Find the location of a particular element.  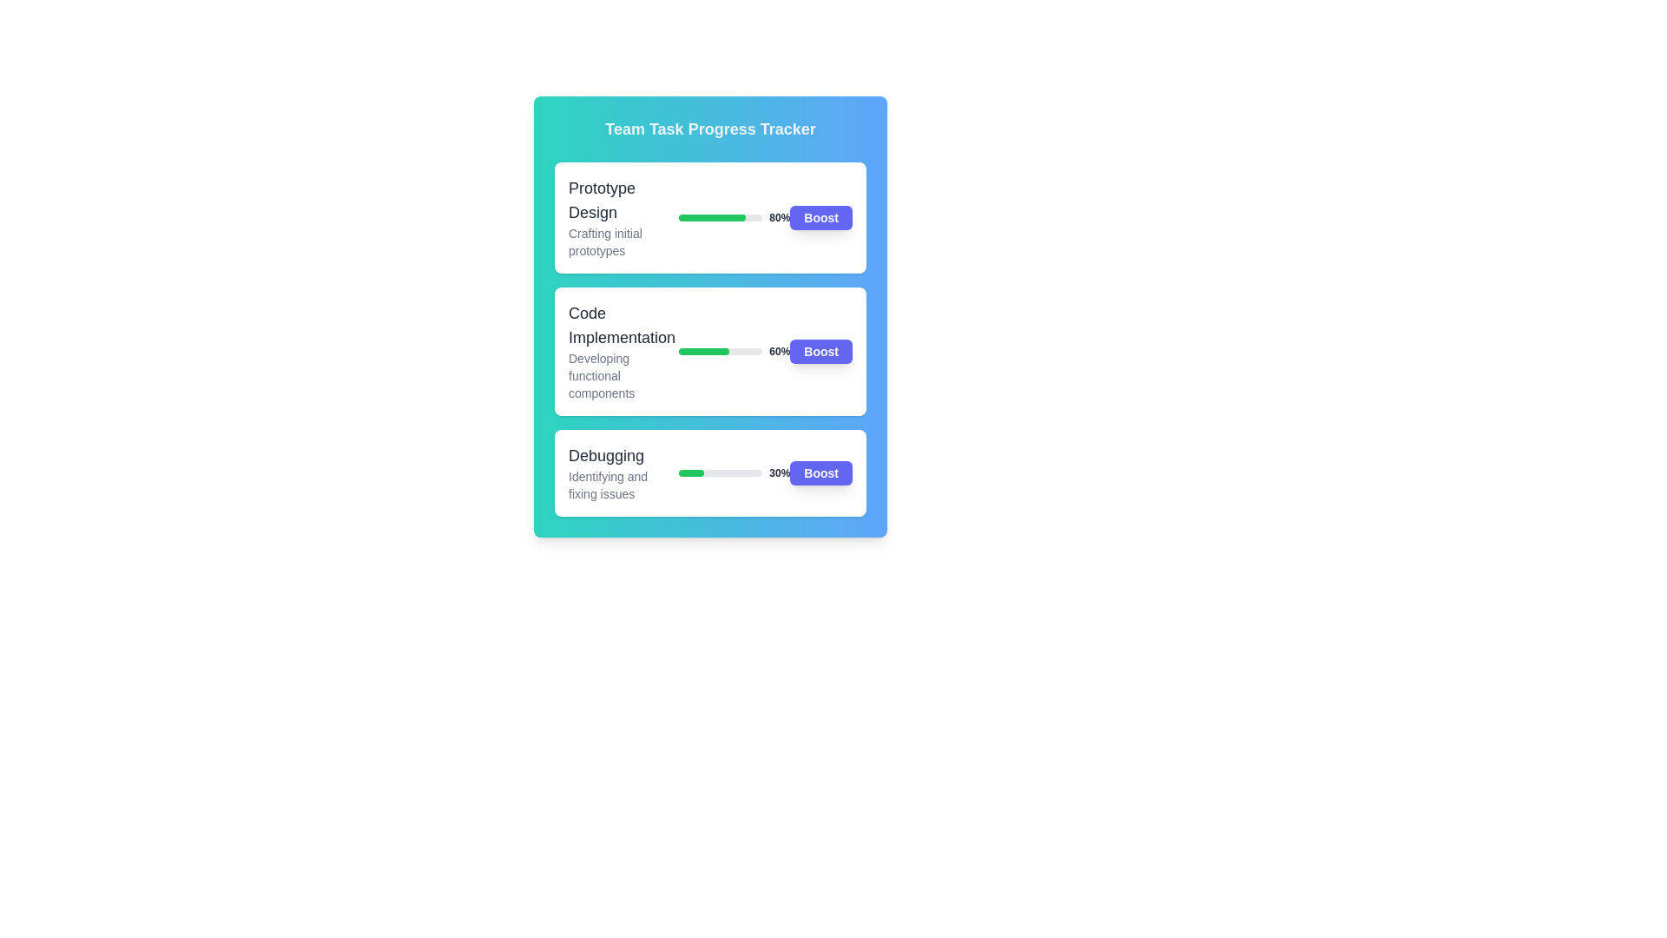

the Progress Indicator with Text Label located in the second card labeled 'Code Implementation', positioned under 'Developing functional components' is located at coordinates (735, 352).